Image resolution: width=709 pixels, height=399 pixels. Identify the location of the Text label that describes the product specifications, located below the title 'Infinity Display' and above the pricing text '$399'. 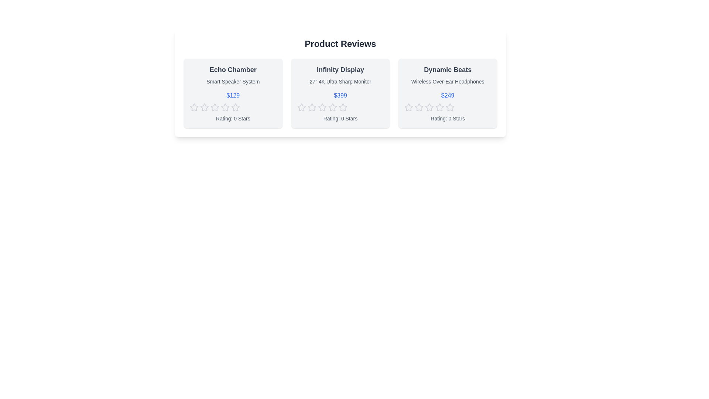
(340, 81).